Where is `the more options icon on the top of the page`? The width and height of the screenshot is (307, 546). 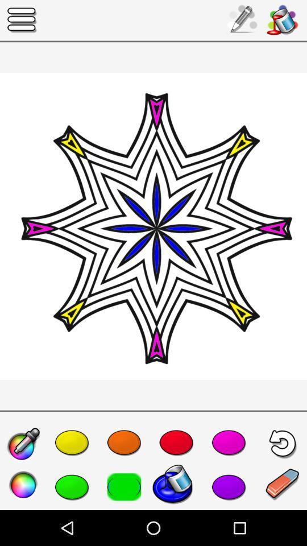
the more options icon on the top of the page is located at coordinates (22, 20).